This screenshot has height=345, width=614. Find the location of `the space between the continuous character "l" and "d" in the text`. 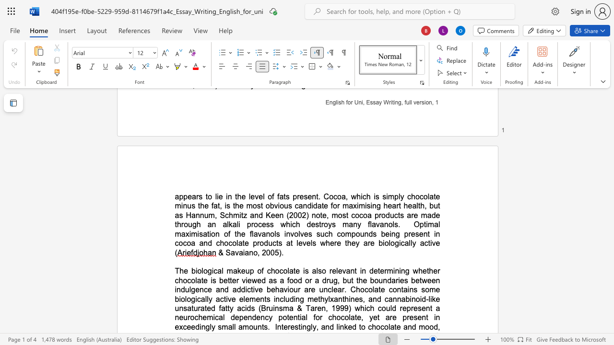

the space between the continuous character "l" and "d" in the text is located at coordinates (392, 308).